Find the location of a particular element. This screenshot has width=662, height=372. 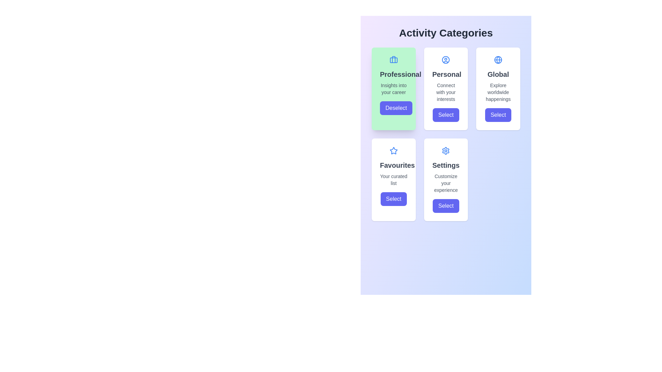

the globe icon in the upper-right corner of the grid layout is located at coordinates (498, 59).